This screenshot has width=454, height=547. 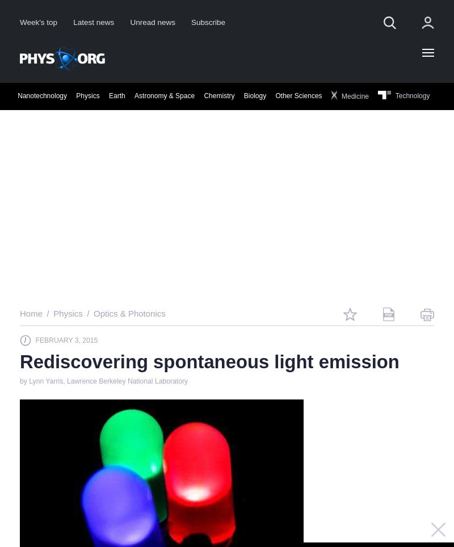 What do you see at coordinates (332, 234) in the screenshot?
I see `'Sign up'` at bounding box center [332, 234].